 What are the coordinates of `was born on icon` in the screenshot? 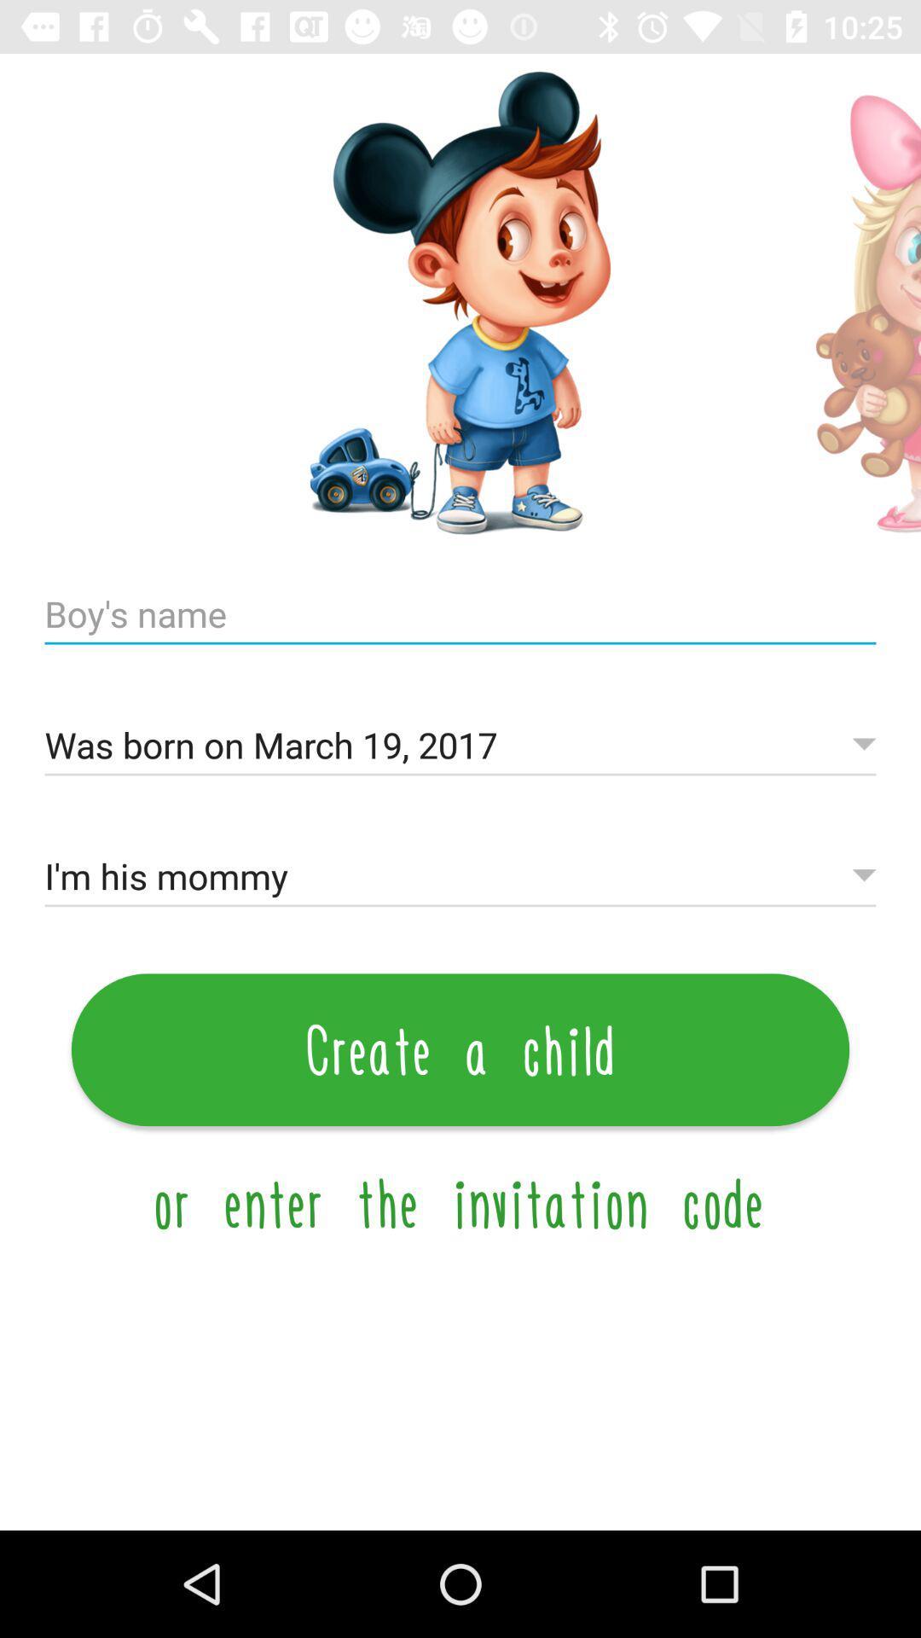 It's located at (460, 746).